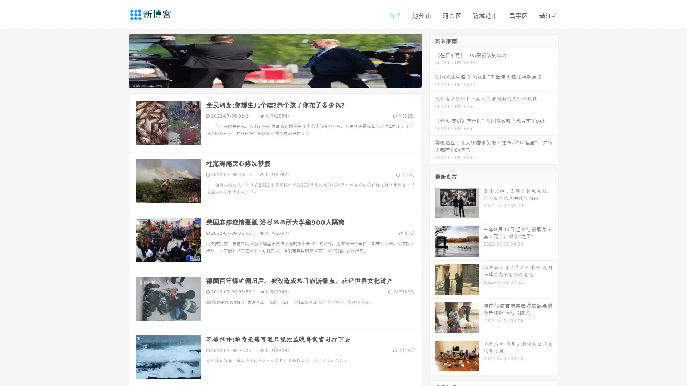 This screenshot has height=386, width=687. Describe the element at coordinates (275, 80) in the screenshot. I see `Go to slide 2` at that location.